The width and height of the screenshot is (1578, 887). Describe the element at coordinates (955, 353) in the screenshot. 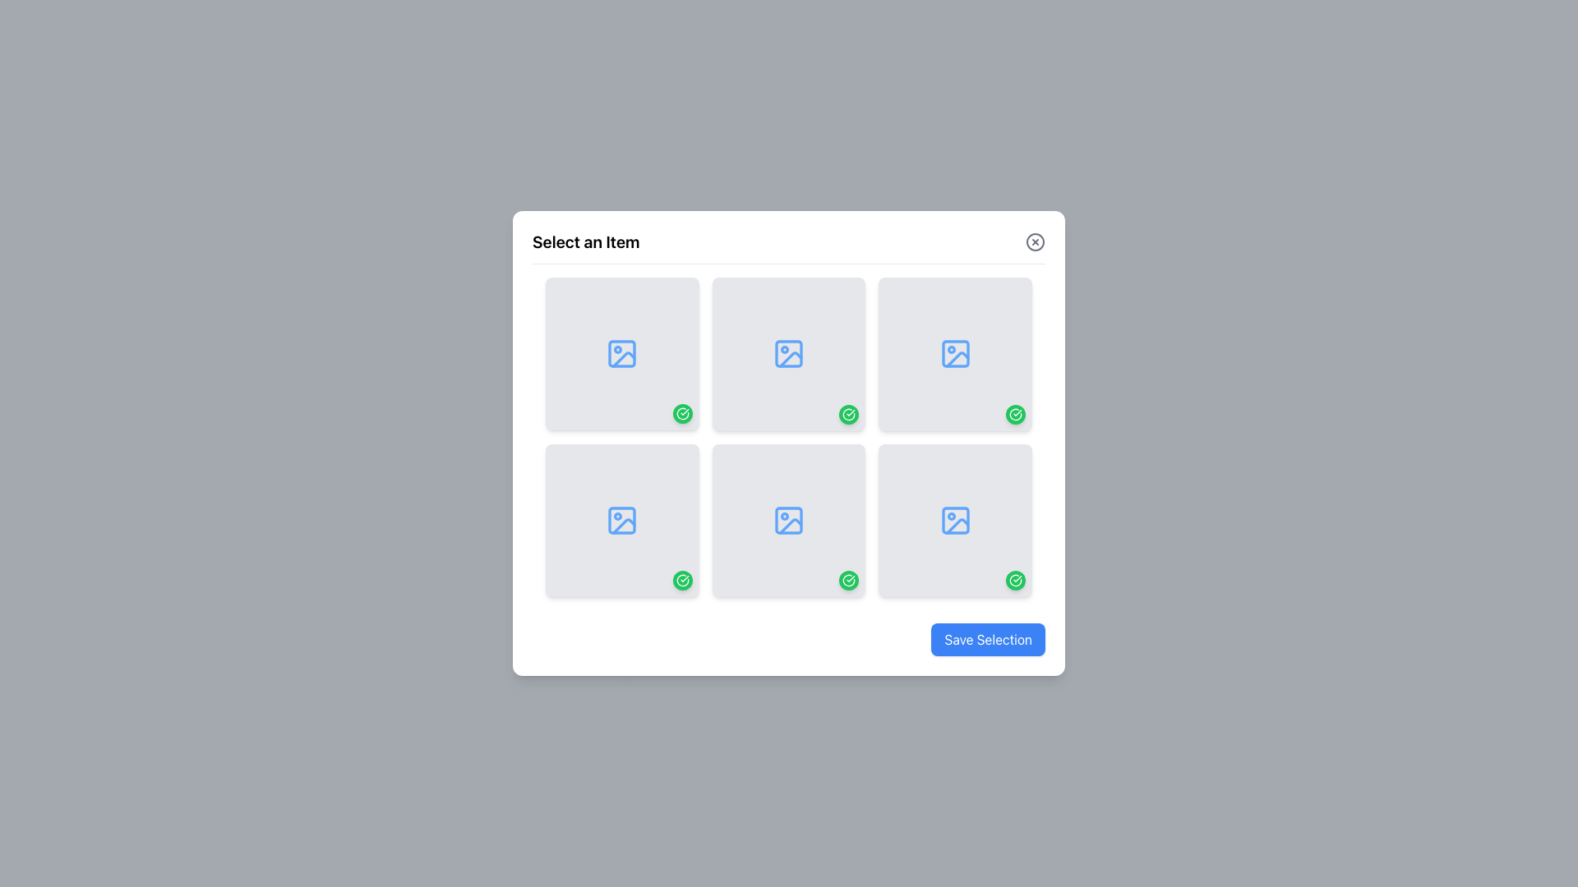

I see `the icon representing a photo or image placeholder located in the top-right corner of the 2x3 grid of selectable items` at that location.